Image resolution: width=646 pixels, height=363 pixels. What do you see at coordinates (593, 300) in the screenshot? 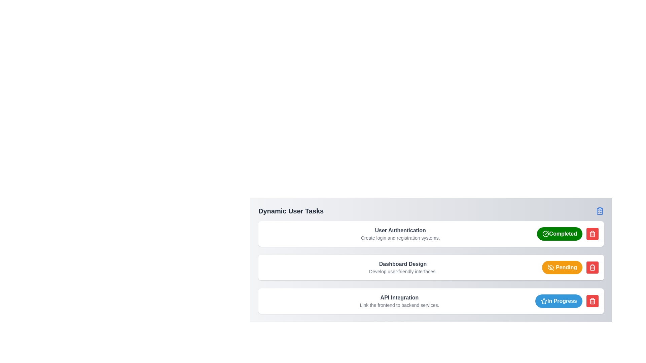
I see `the red button with a trash bin icon, which is the rightmost button in the 'API Integration' row` at bounding box center [593, 300].